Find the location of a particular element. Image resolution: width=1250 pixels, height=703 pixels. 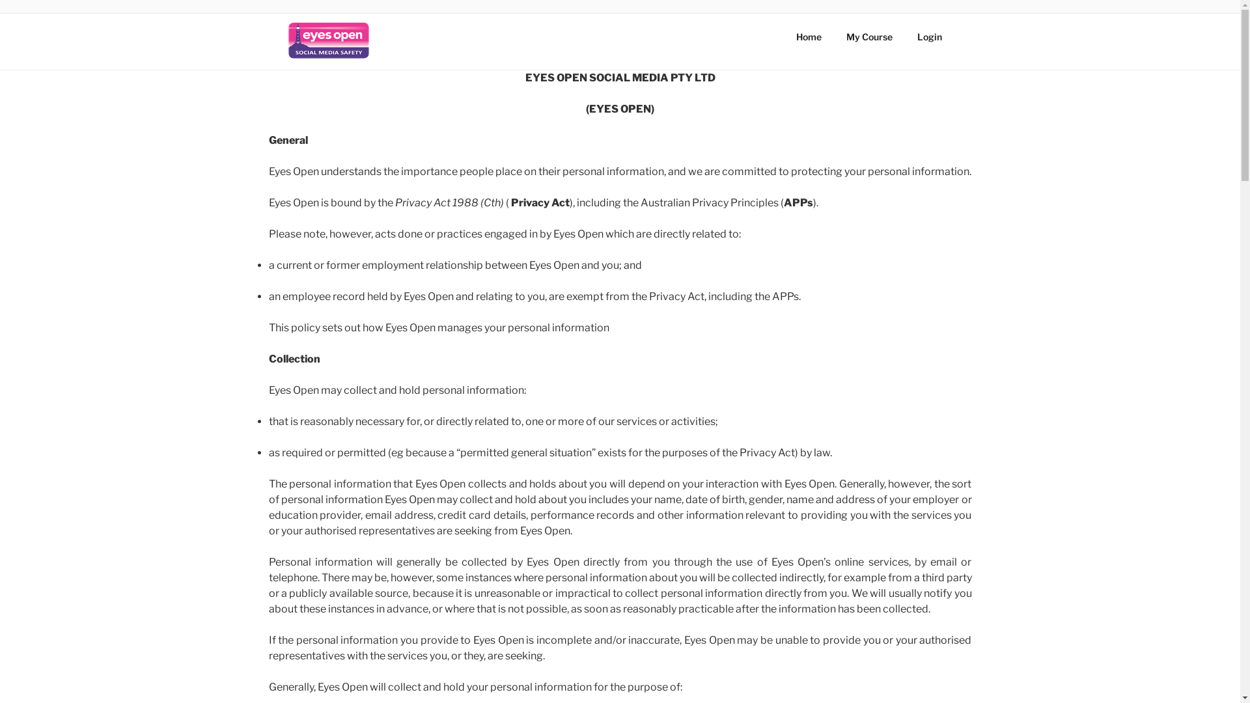

'My Course' is located at coordinates (868, 36).